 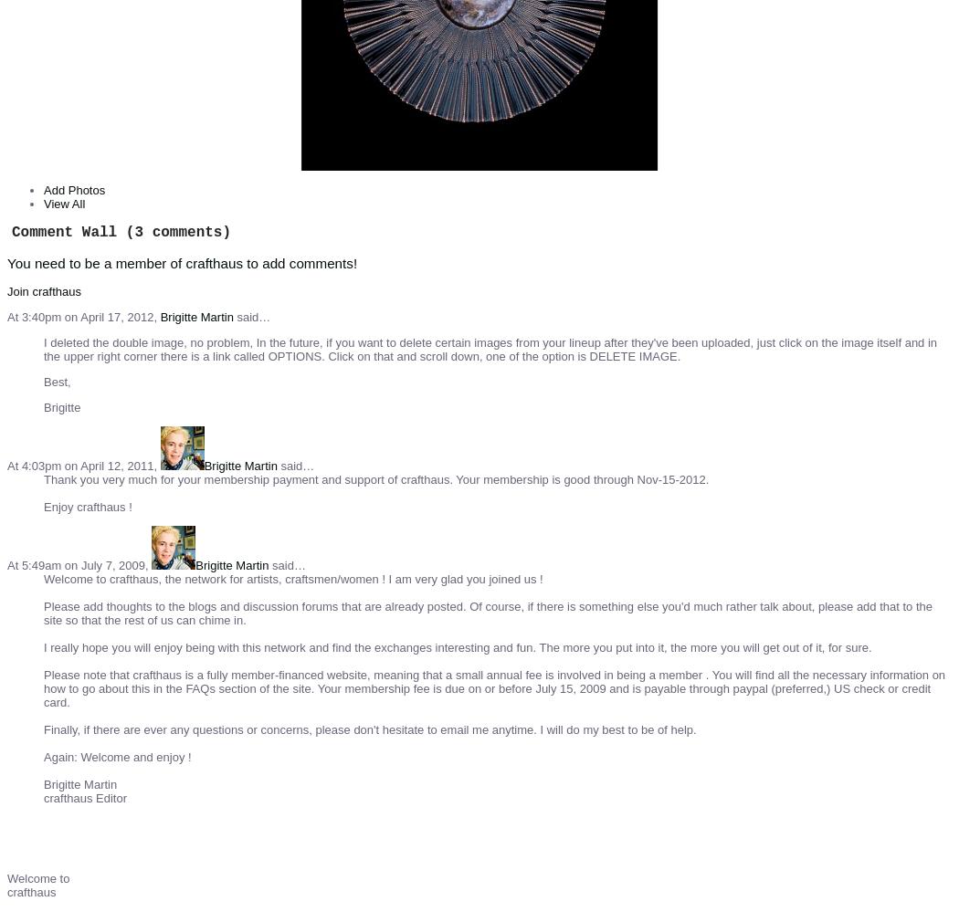 I want to click on 'Again: Welcome and enjoy !', so click(x=116, y=756).